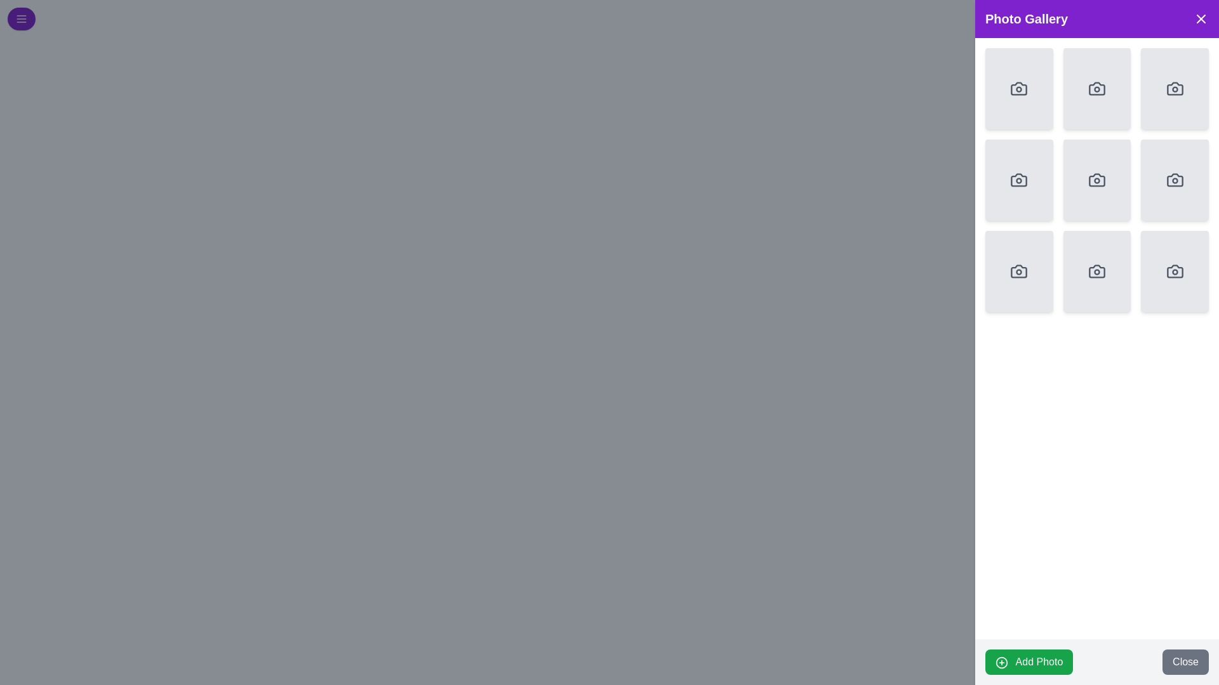 Image resolution: width=1219 pixels, height=685 pixels. I want to click on the third camera icon in the 'Photo Gallery' sidebar, so click(1174, 180).